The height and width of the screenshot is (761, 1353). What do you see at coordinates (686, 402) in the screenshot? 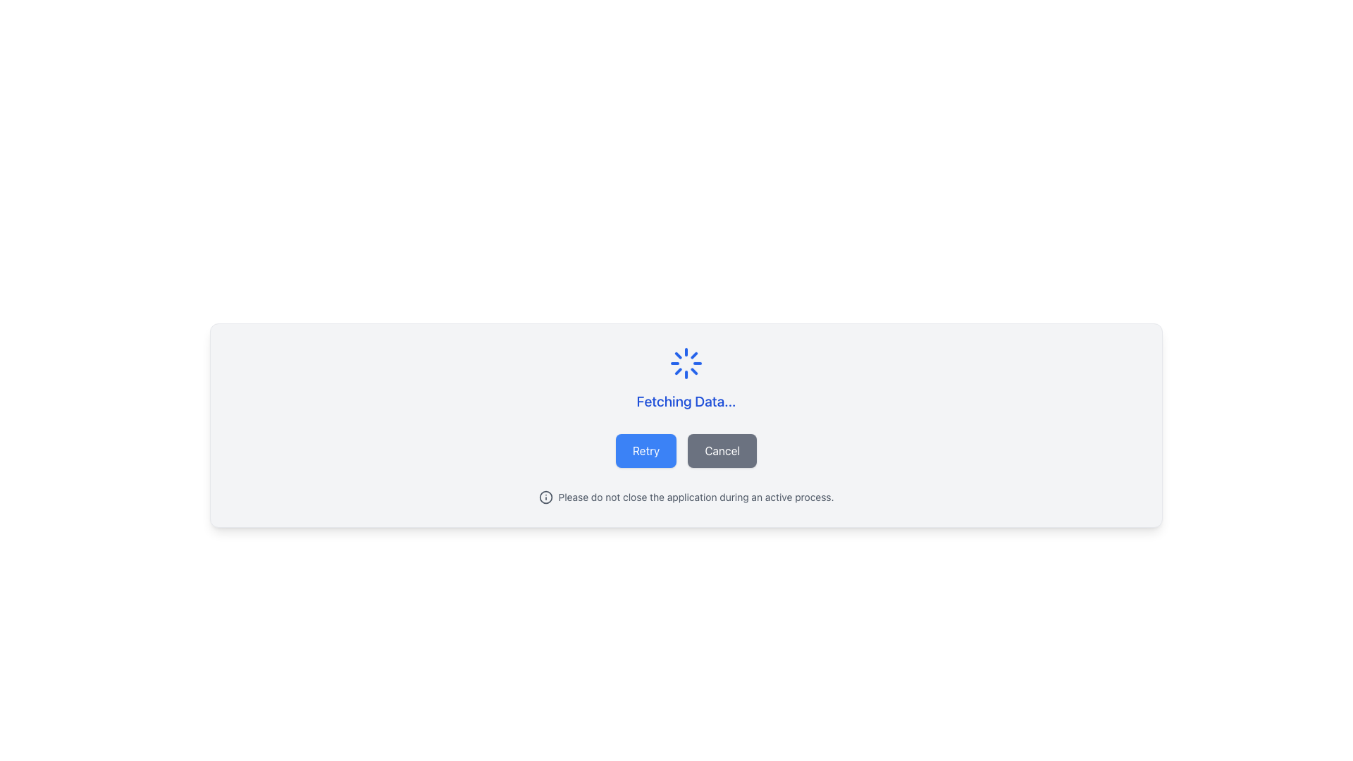
I see `the status message text label that indicates data is being fetched, located beneath the spinning loader icon and above the 'Retry' and 'Cancel' buttons` at bounding box center [686, 402].